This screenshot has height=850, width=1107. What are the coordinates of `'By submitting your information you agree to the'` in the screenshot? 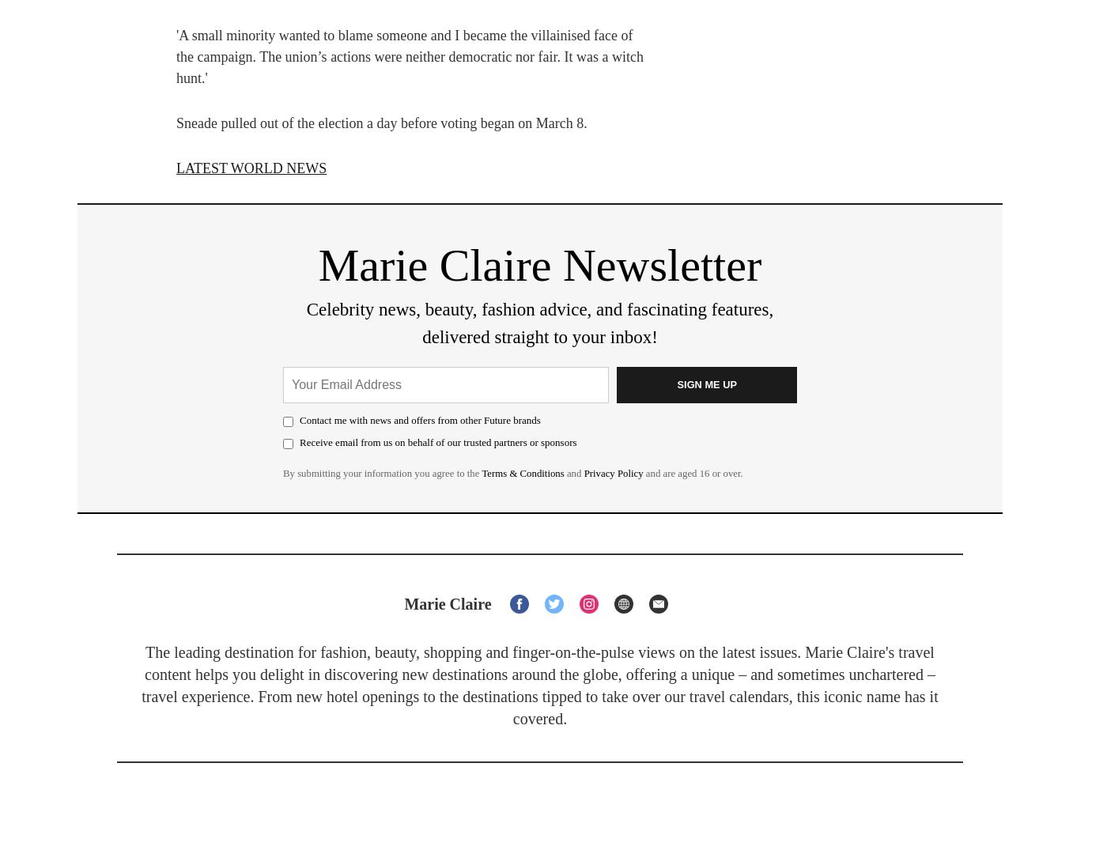 It's located at (381, 472).